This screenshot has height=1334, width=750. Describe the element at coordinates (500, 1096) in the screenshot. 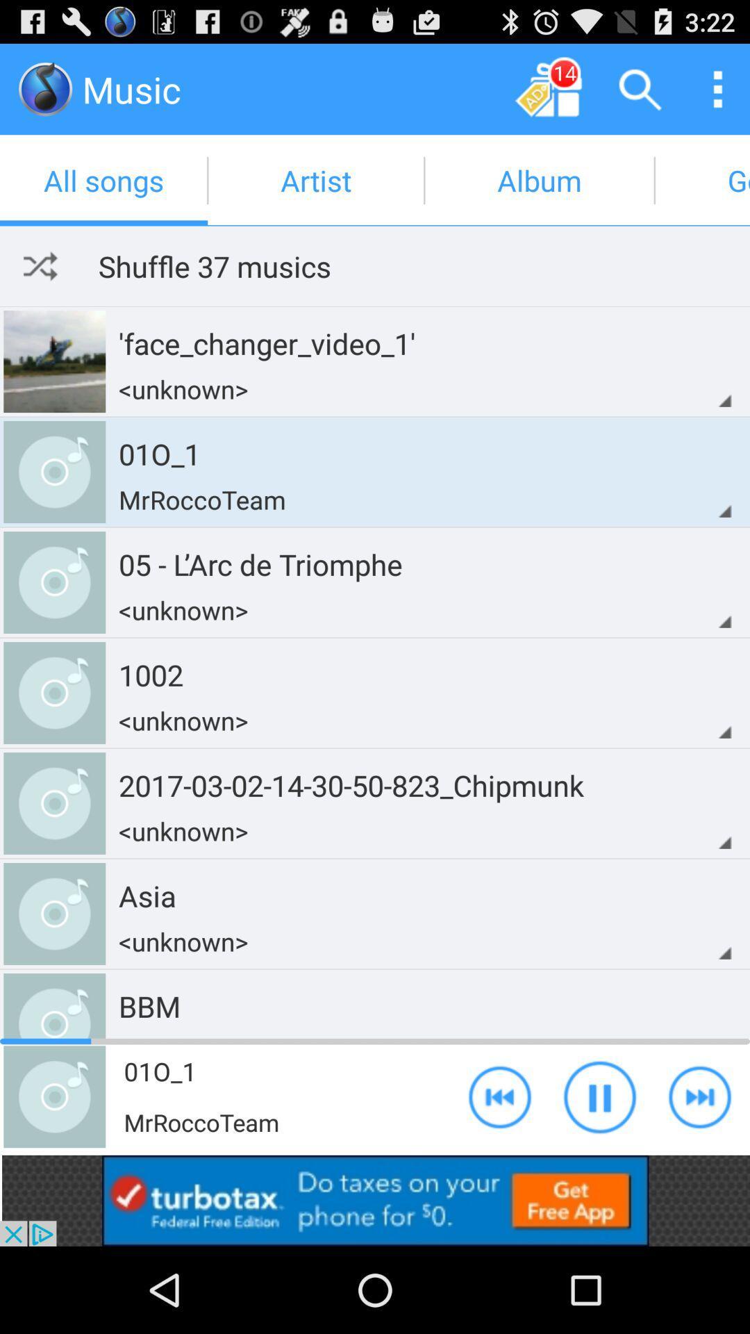

I see `rewind music` at that location.